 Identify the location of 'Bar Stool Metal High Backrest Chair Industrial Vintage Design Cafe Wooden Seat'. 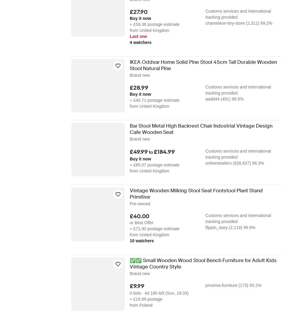
(129, 129).